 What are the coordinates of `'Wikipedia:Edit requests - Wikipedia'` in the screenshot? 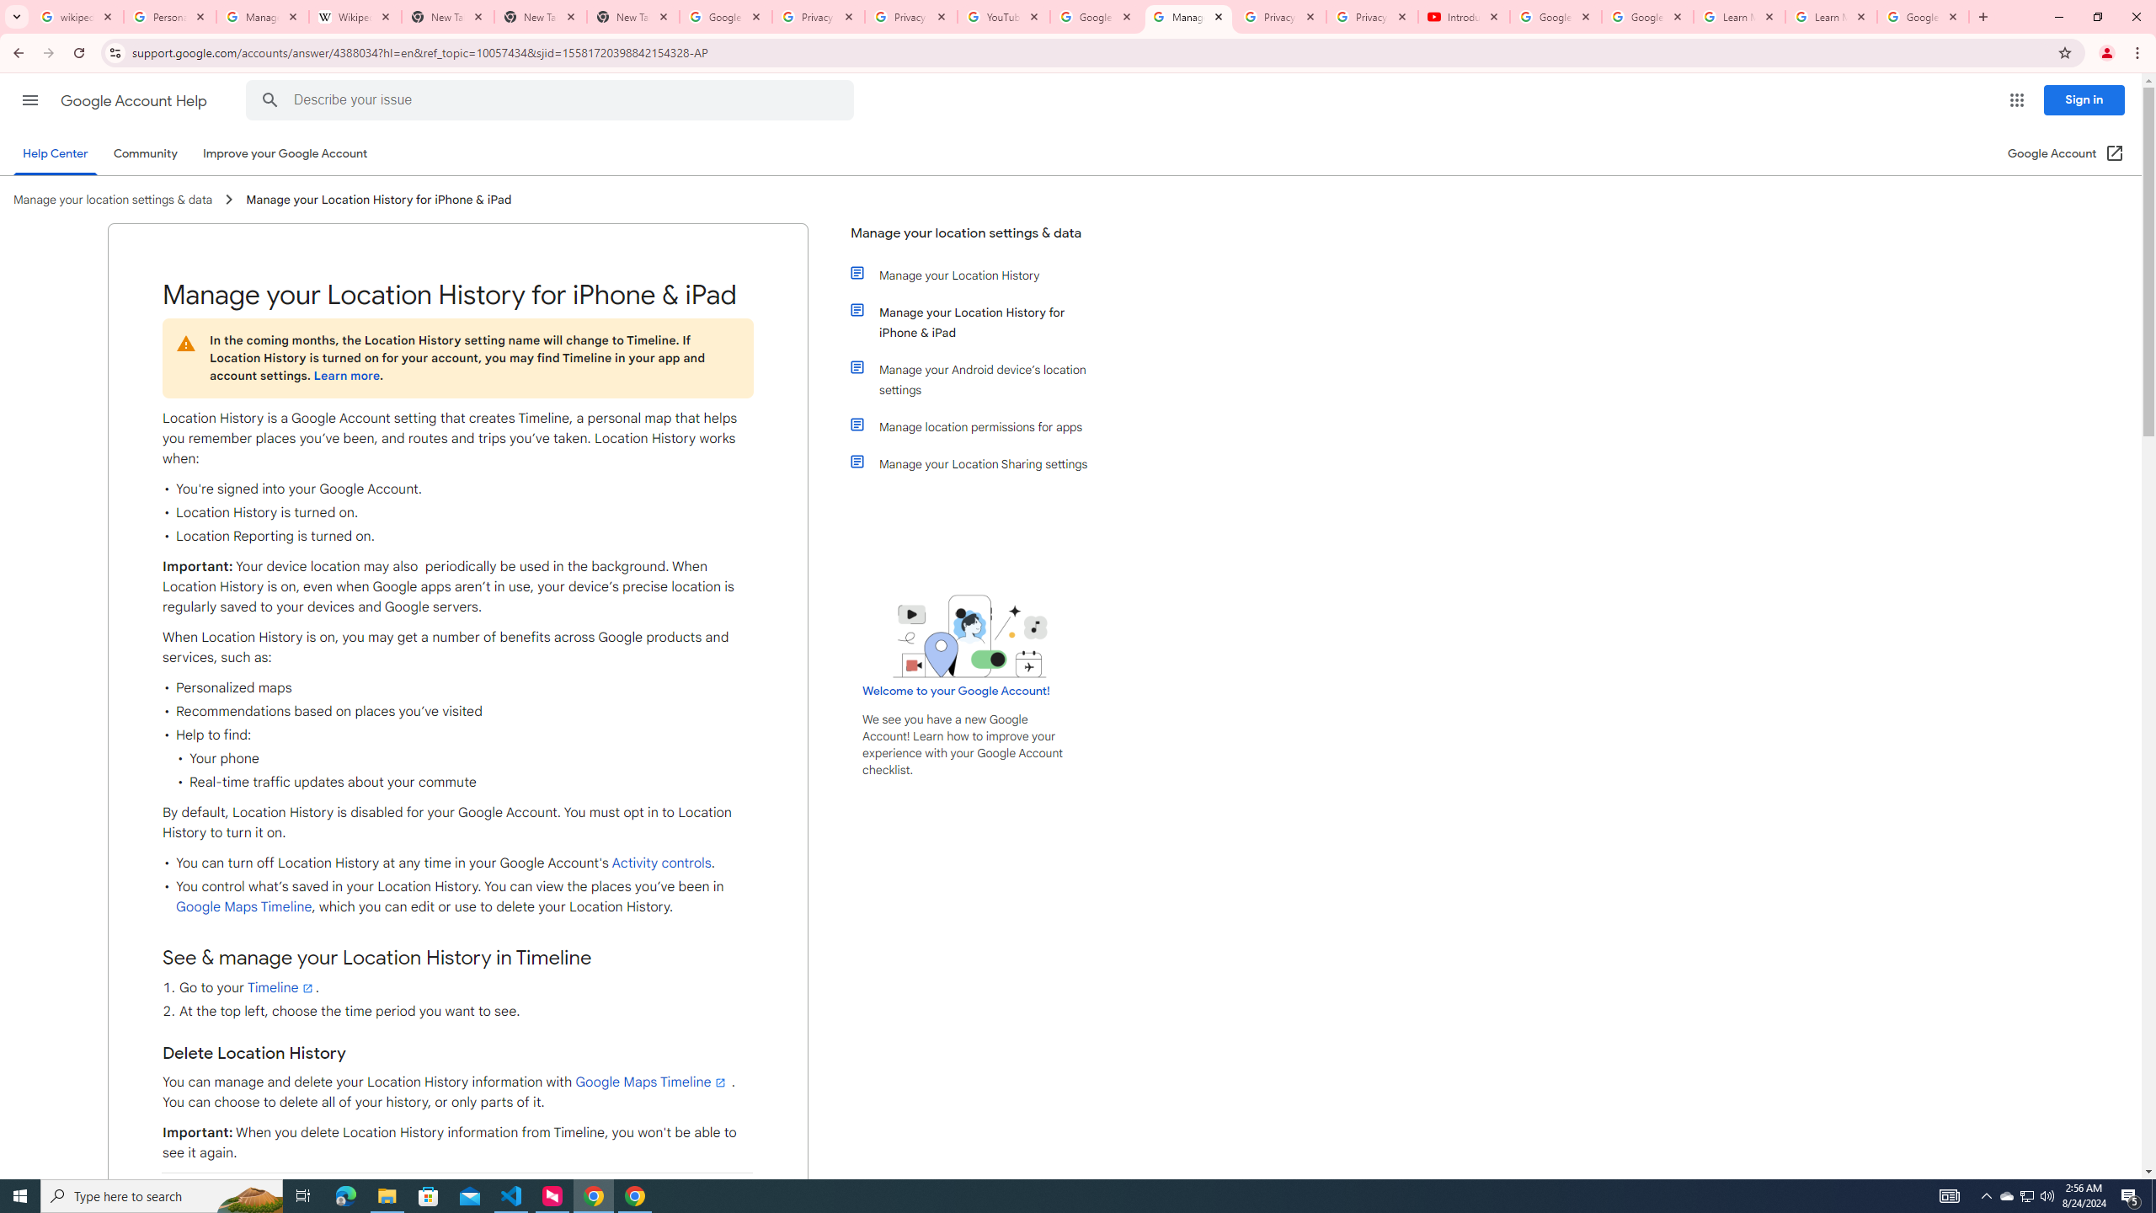 It's located at (355, 16).